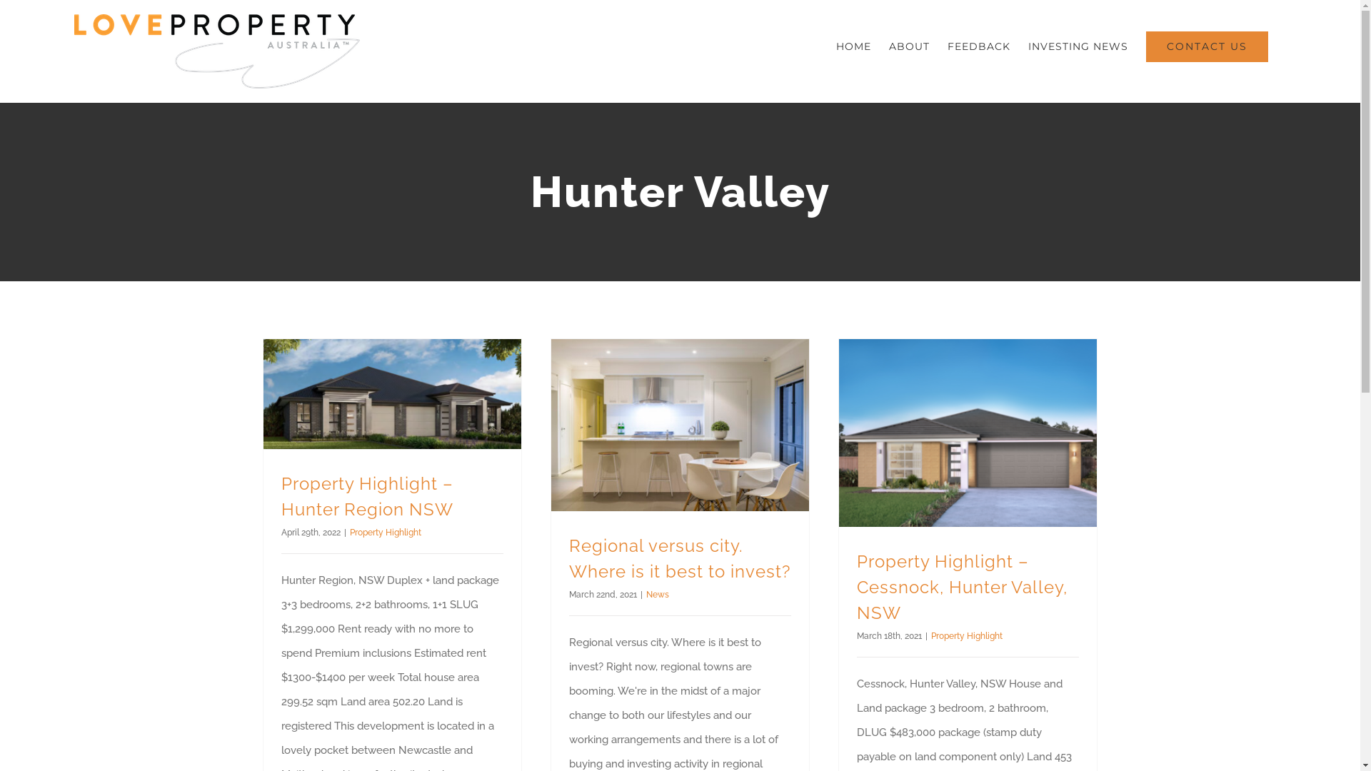 The image size is (1371, 771). Describe the element at coordinates (853, 46) in the screenshot. I see `'HOME'` at that location.